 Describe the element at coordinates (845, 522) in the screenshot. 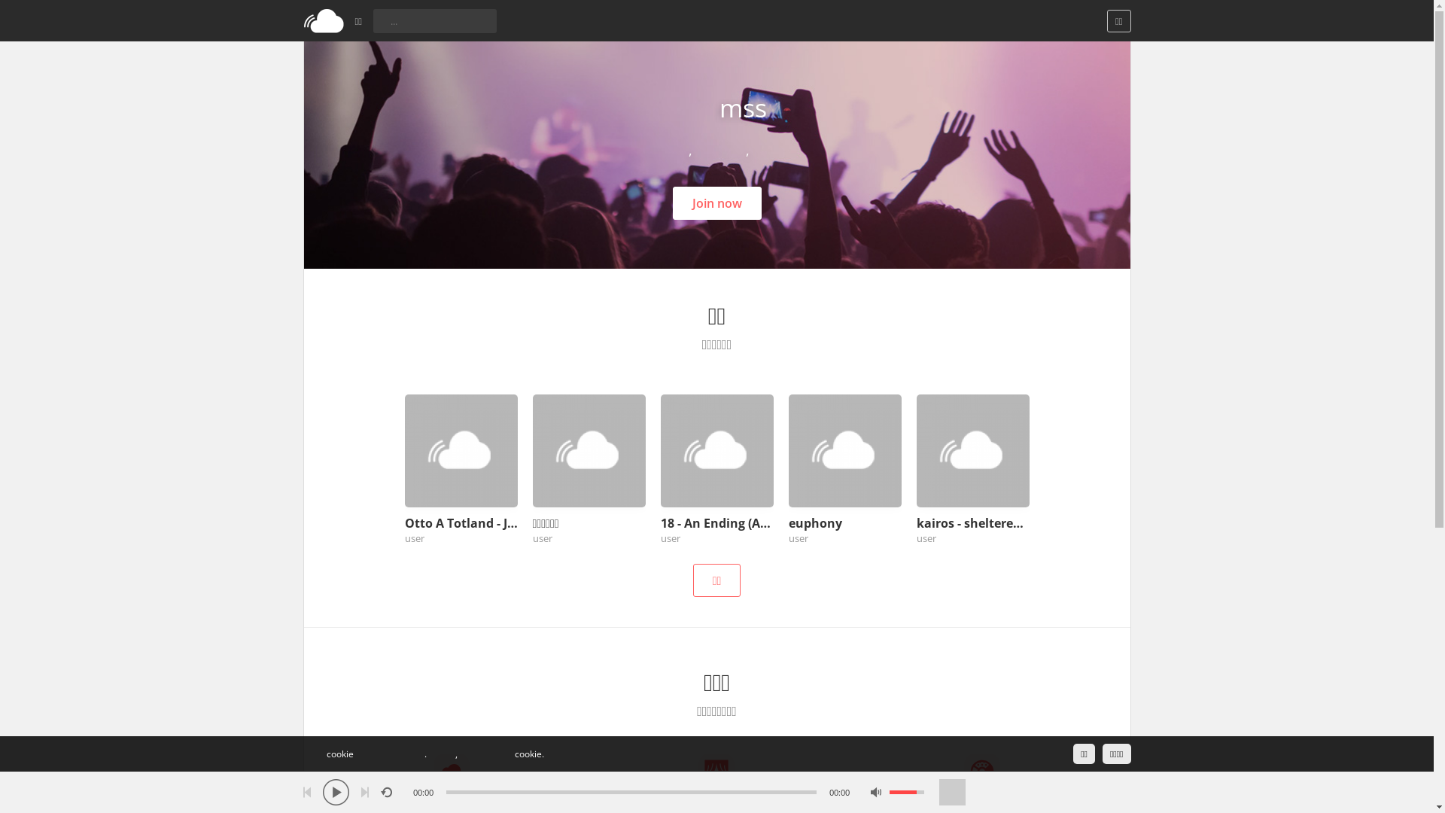

I see `'euphony'` at that location.